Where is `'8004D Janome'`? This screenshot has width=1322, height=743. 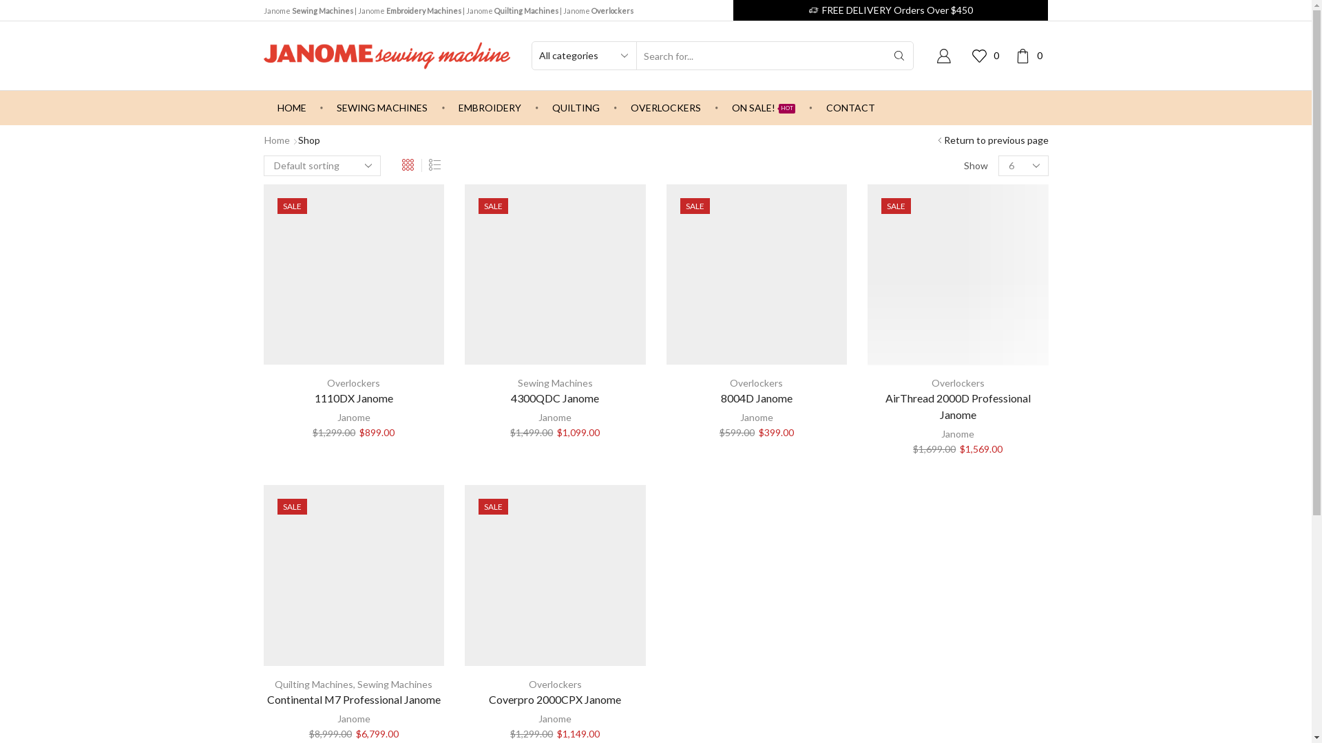 '8004D Janome' is located at coordinates (756, 398).